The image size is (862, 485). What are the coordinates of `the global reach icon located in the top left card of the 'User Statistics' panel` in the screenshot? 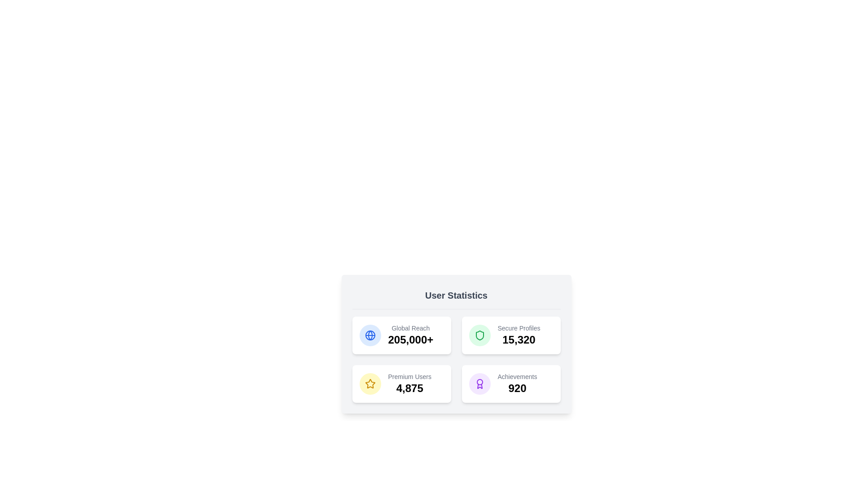 It's located at (370, 335).